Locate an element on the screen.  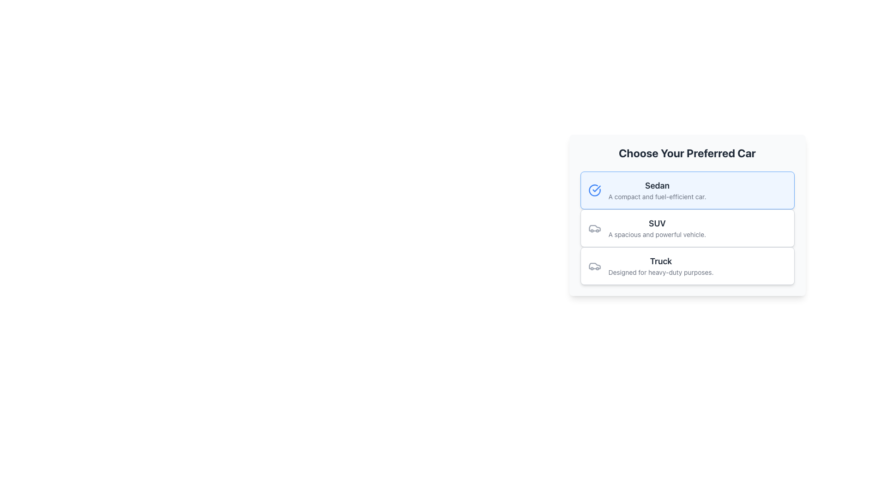
the car icon located to the left of the 'SUV' text in the car type selection panel is located at coordinates (594, 228).